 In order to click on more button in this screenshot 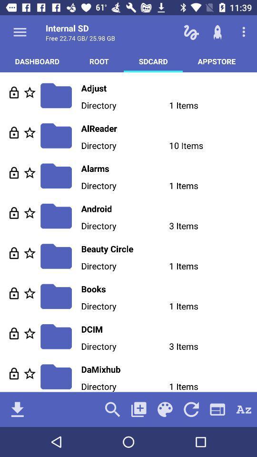, I will do `click(20, 32)`.